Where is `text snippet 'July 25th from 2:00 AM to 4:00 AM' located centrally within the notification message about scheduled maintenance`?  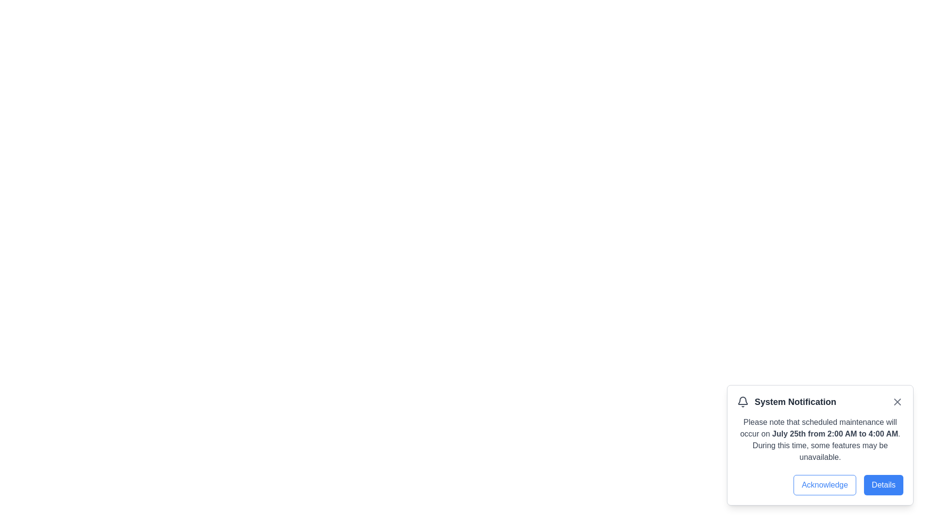 text snippet 'July 25th from 2:00 AM to 4:00 AM' located centrally within the notification message about scheduled maintenance is located at coordinates (834, 433).